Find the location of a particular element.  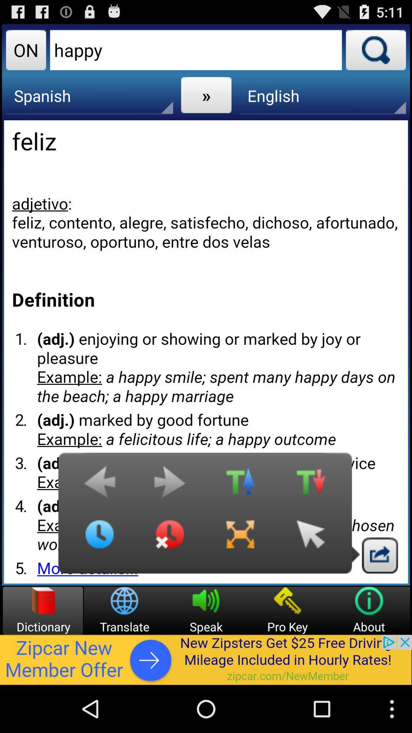

download is located at coordinates (380, 555).